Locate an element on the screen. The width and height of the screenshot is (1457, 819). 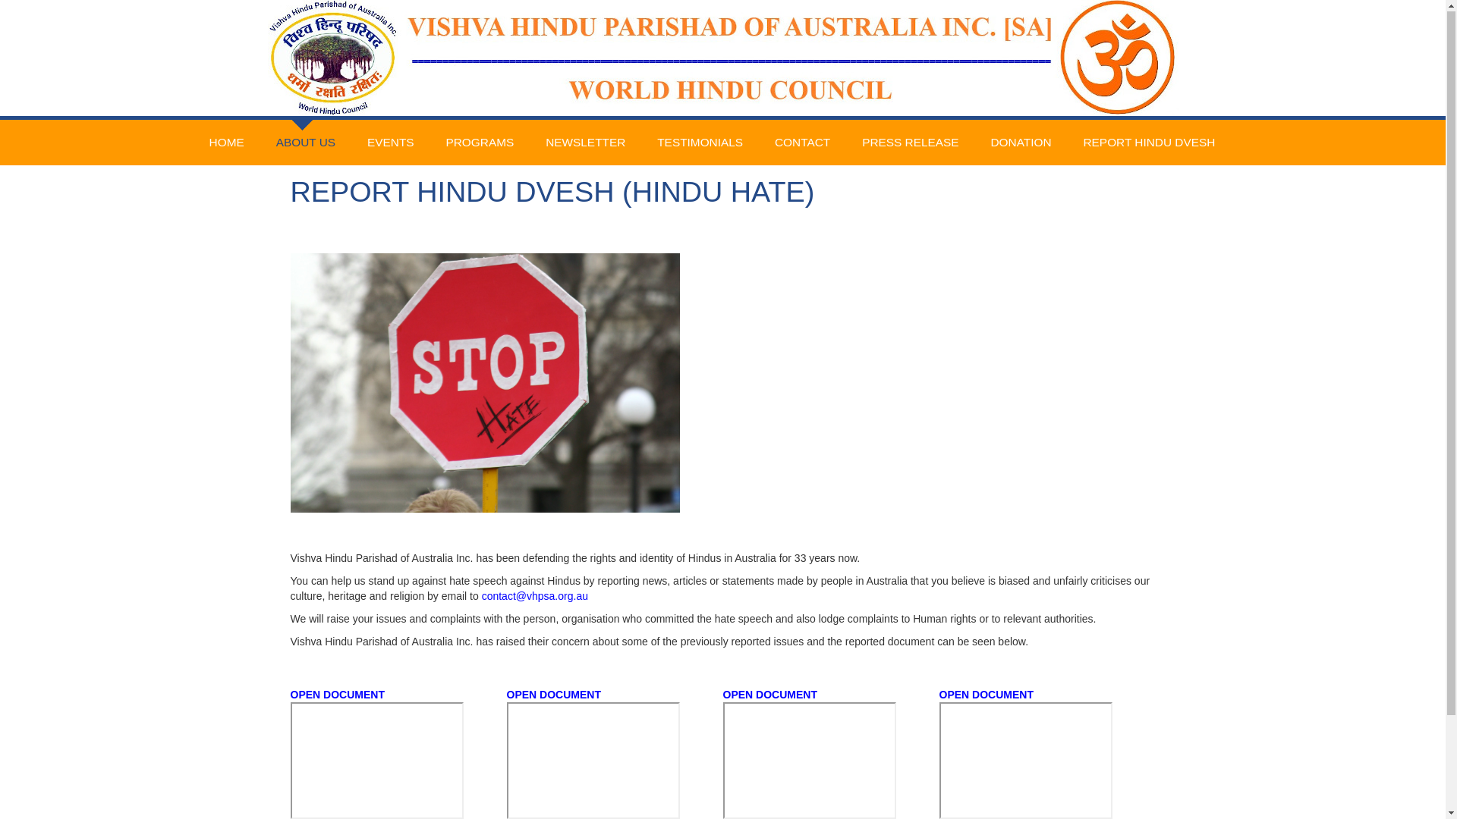
'PROGRAMS' is located at coordinates (479, 143).